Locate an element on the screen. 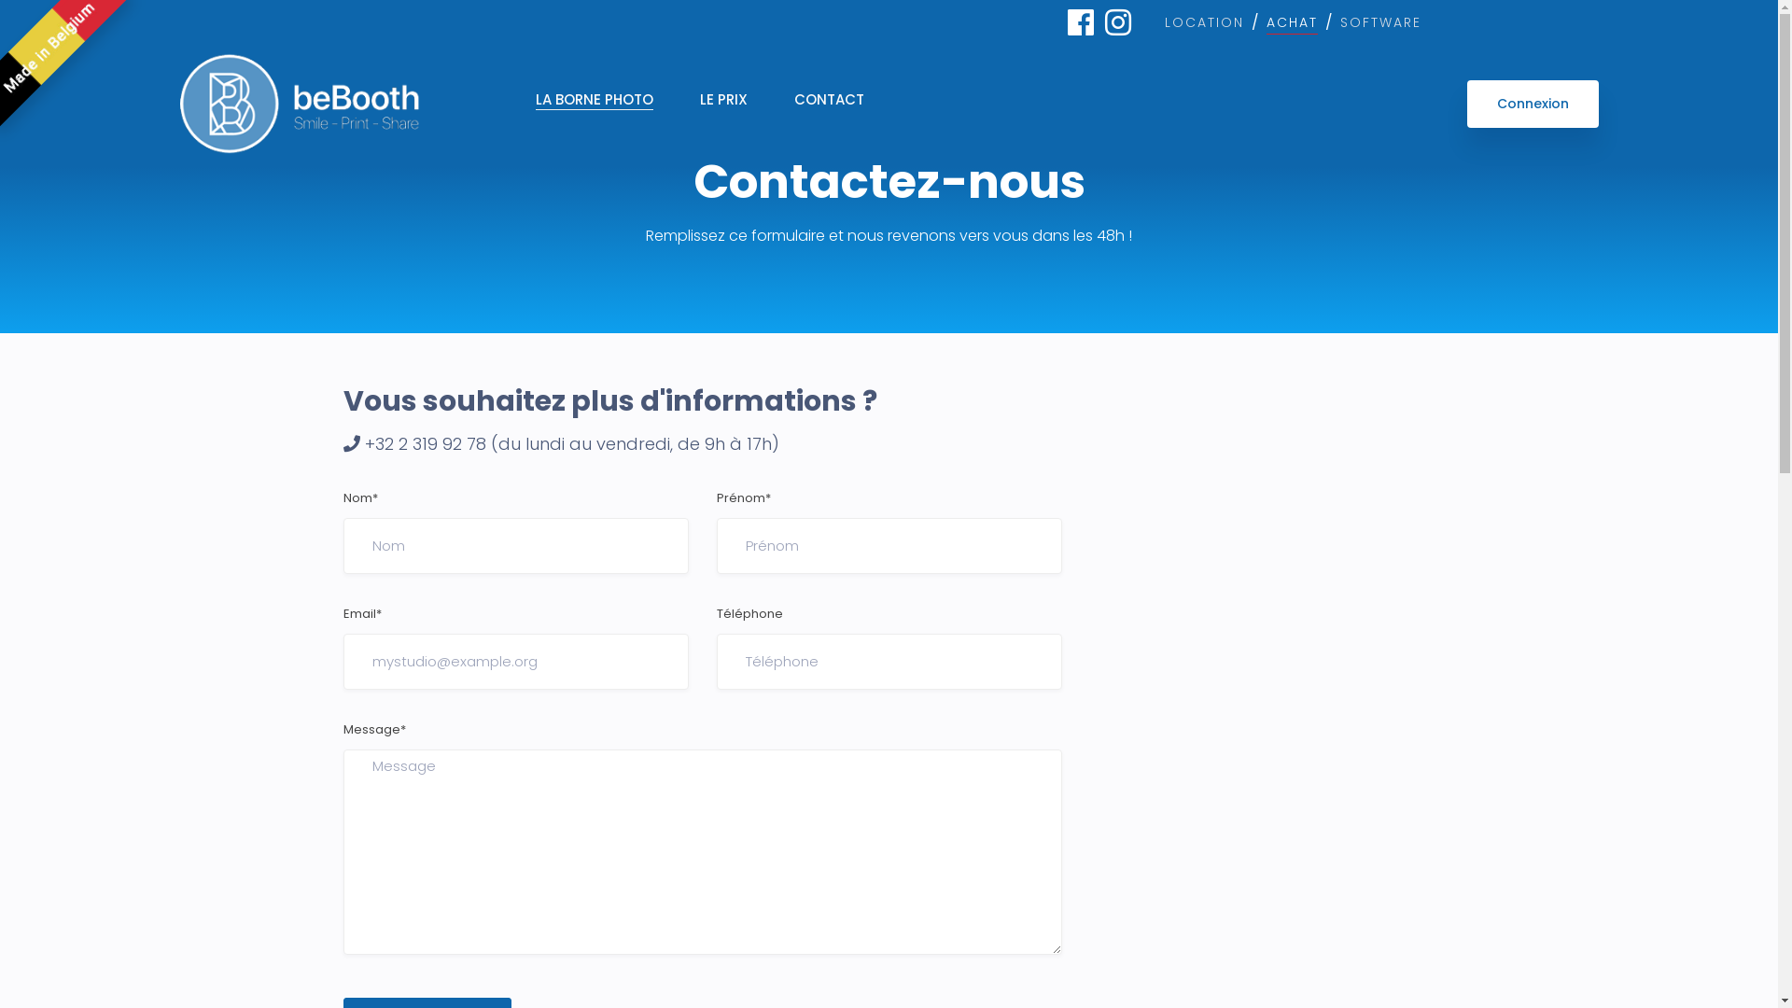  'LA BORNE PHOTO' is located at coordinates (594, 98).